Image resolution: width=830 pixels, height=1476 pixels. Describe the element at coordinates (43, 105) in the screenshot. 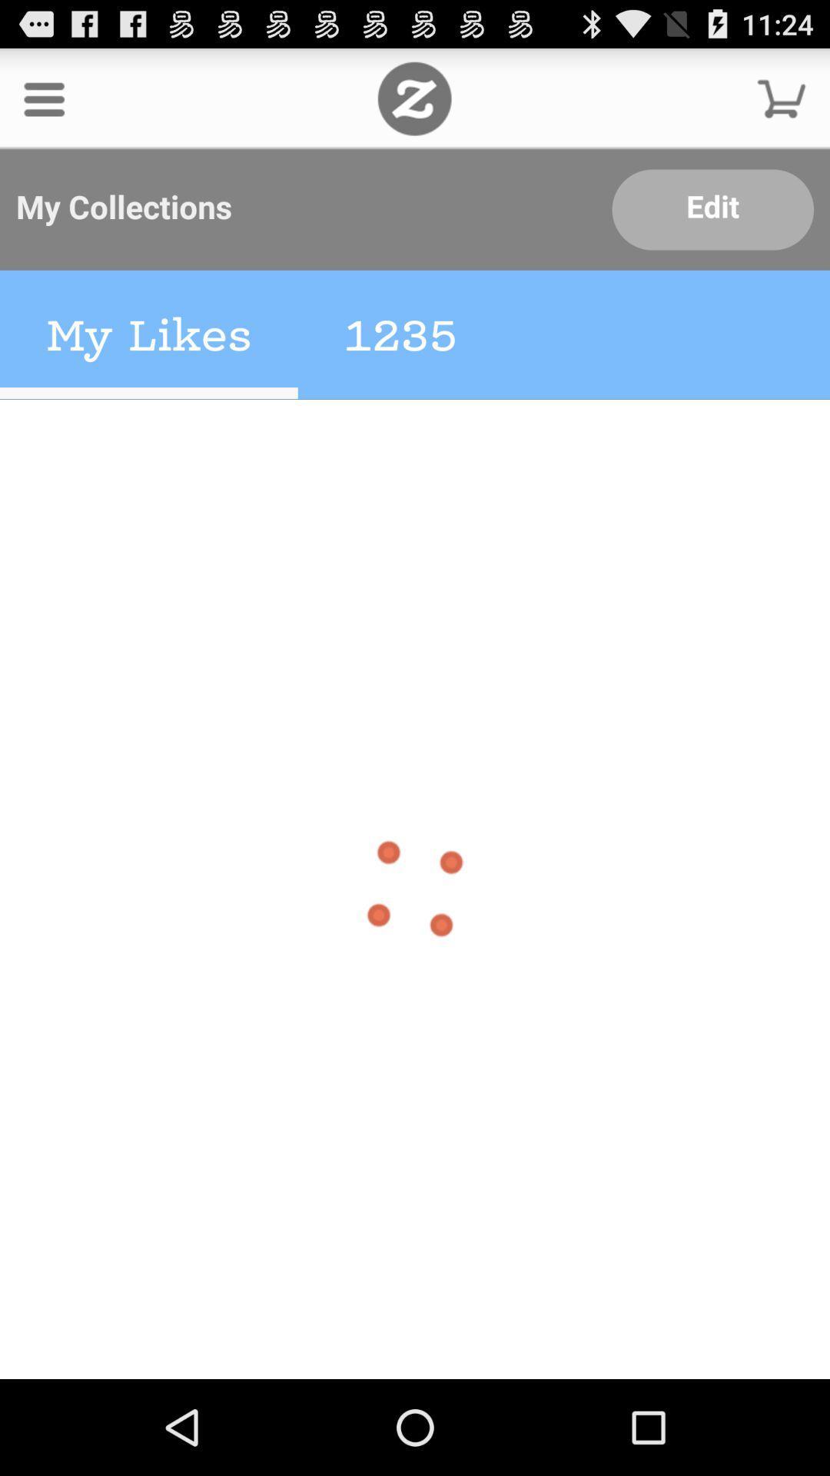

I see `the menu icon` at that location.